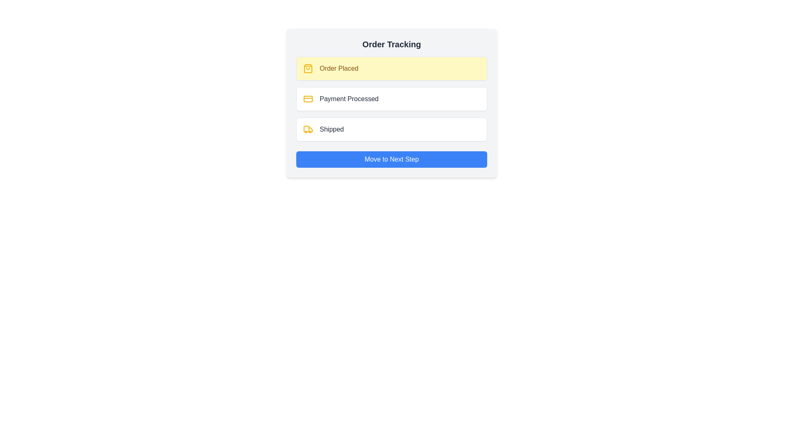  What do you see at coordinates (391, 160) in the screenshot?
I see `the blue button located at the bottom of the 'Order Tracking' card to advance the current task or process` at bounding box center [391, 160].